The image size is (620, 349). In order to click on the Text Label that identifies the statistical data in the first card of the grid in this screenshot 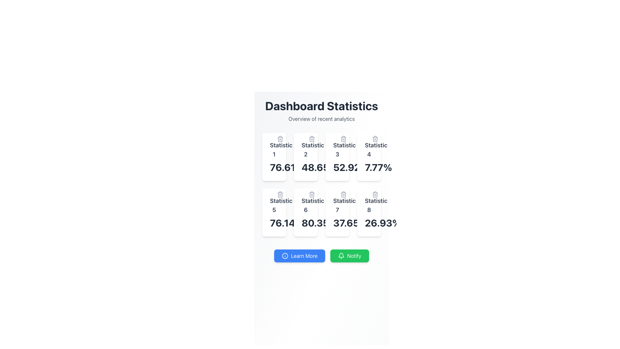, I will do `click(274, 150)`.